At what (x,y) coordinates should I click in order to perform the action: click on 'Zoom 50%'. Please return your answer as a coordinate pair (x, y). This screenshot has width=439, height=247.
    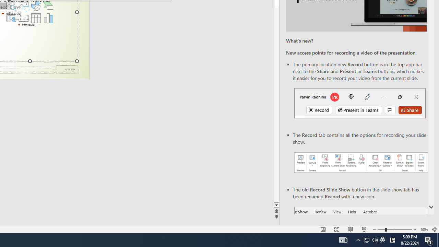
    Looking at the image, I should click on (424, 230).